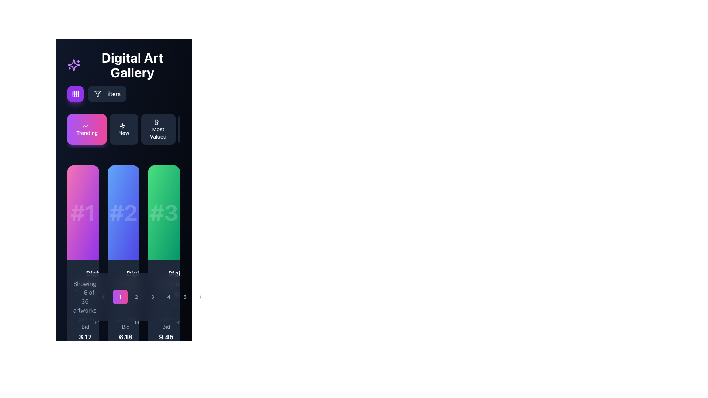 The width and height of the screenshot is (708, 398). I want to click on the funnel-shaped icon on the left side of the 'Filters' button, so click(97, 93).